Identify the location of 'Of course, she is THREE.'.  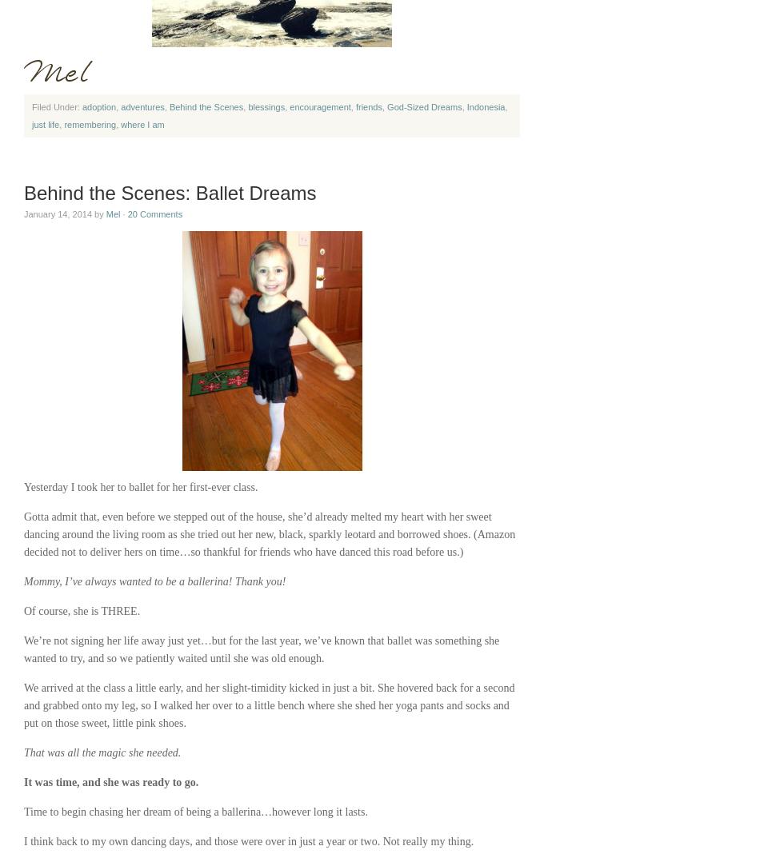
(23, 610).